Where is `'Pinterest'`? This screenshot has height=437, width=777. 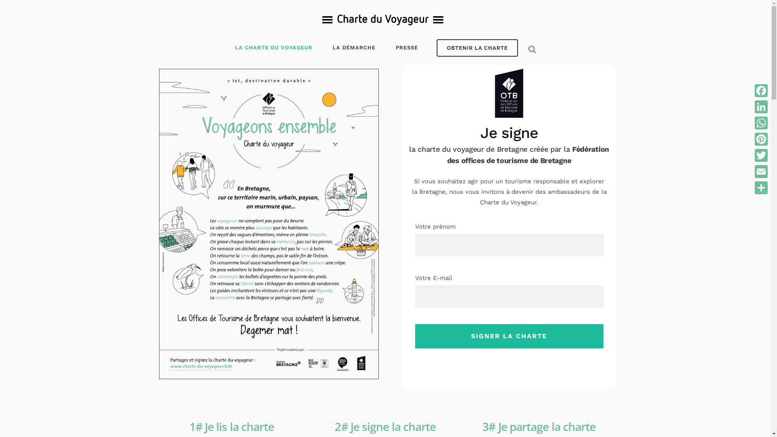
'Pinterest' is located at coordinates (761, 138).